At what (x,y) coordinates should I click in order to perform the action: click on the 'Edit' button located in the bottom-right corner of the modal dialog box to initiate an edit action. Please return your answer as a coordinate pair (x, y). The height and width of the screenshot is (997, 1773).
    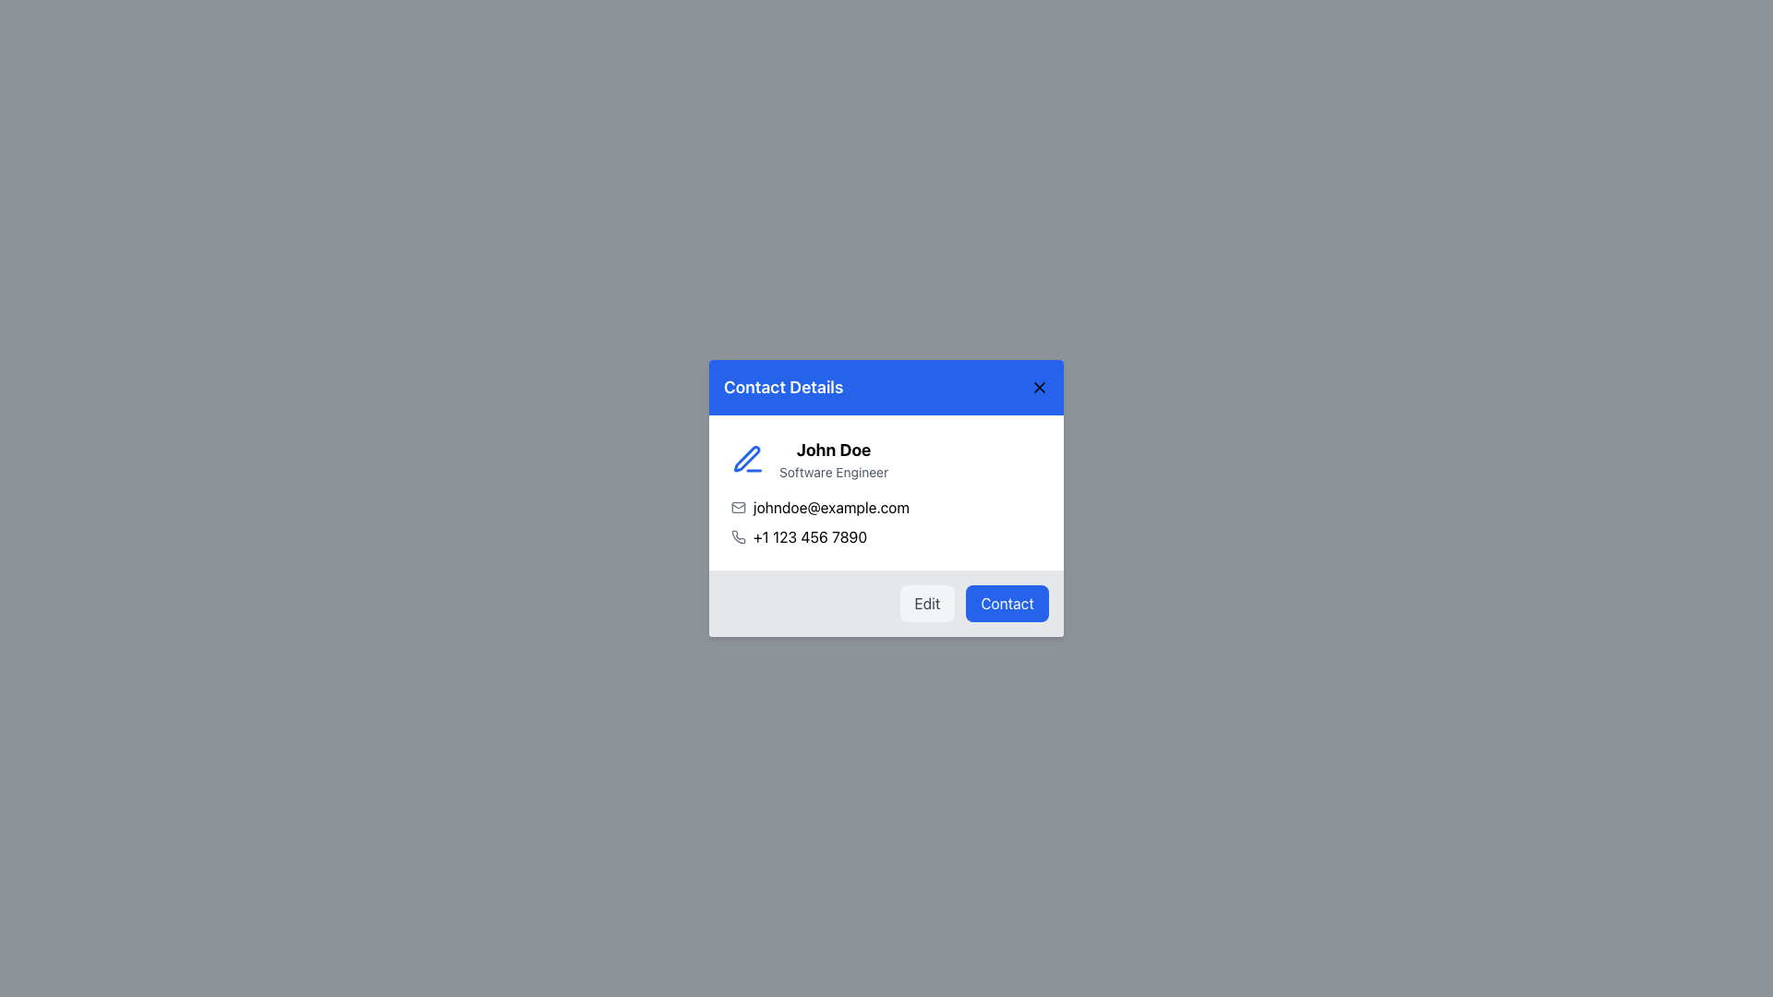
    Looking at the image, I should click on (886, 604).